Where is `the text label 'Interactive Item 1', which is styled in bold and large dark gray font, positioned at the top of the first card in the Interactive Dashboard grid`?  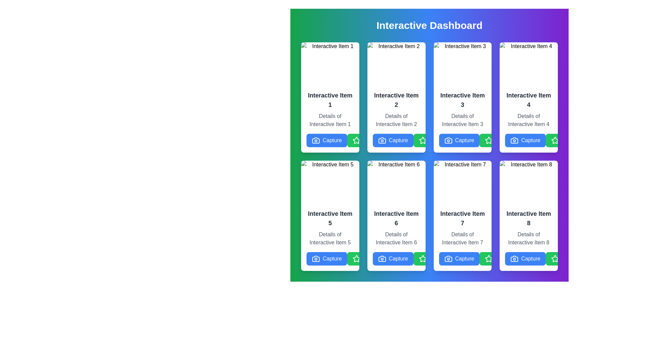 the text label 'Interactive Item 1', which is styled in bold and large dark gray font, positioned at the top of the first card in the Interactive Dashboard grid is located at coordinates (330, 100).